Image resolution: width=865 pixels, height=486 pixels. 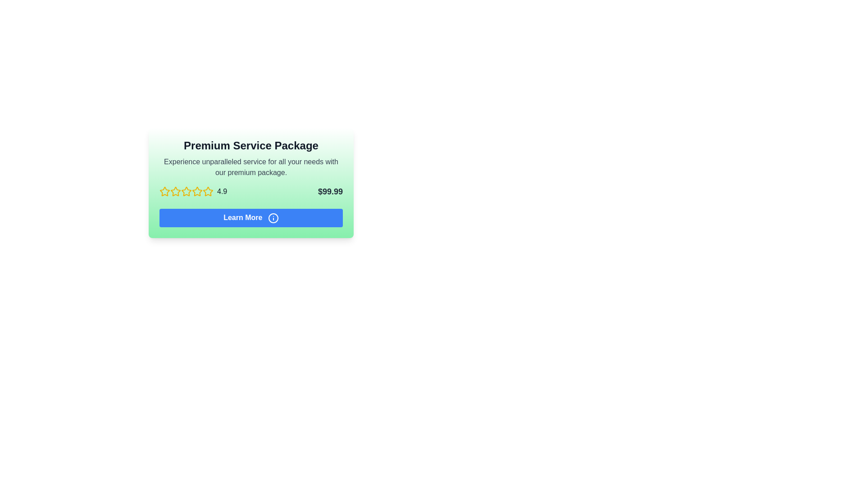 I want to click on circular icon with a thin border and interior elements located to the right of the 'Learn More' text in the blue button, so click(x=273, y=218).